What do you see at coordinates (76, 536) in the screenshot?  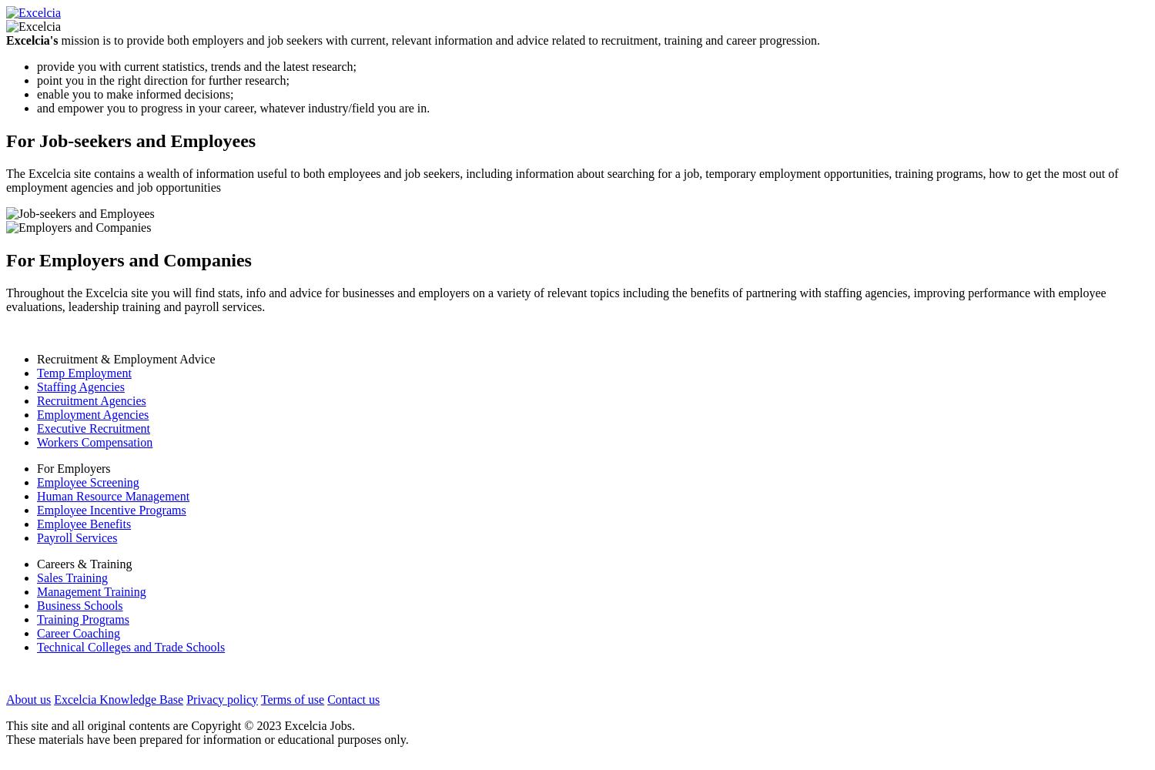 I see `'Payroll Services'` at bounding box center [76, 536].